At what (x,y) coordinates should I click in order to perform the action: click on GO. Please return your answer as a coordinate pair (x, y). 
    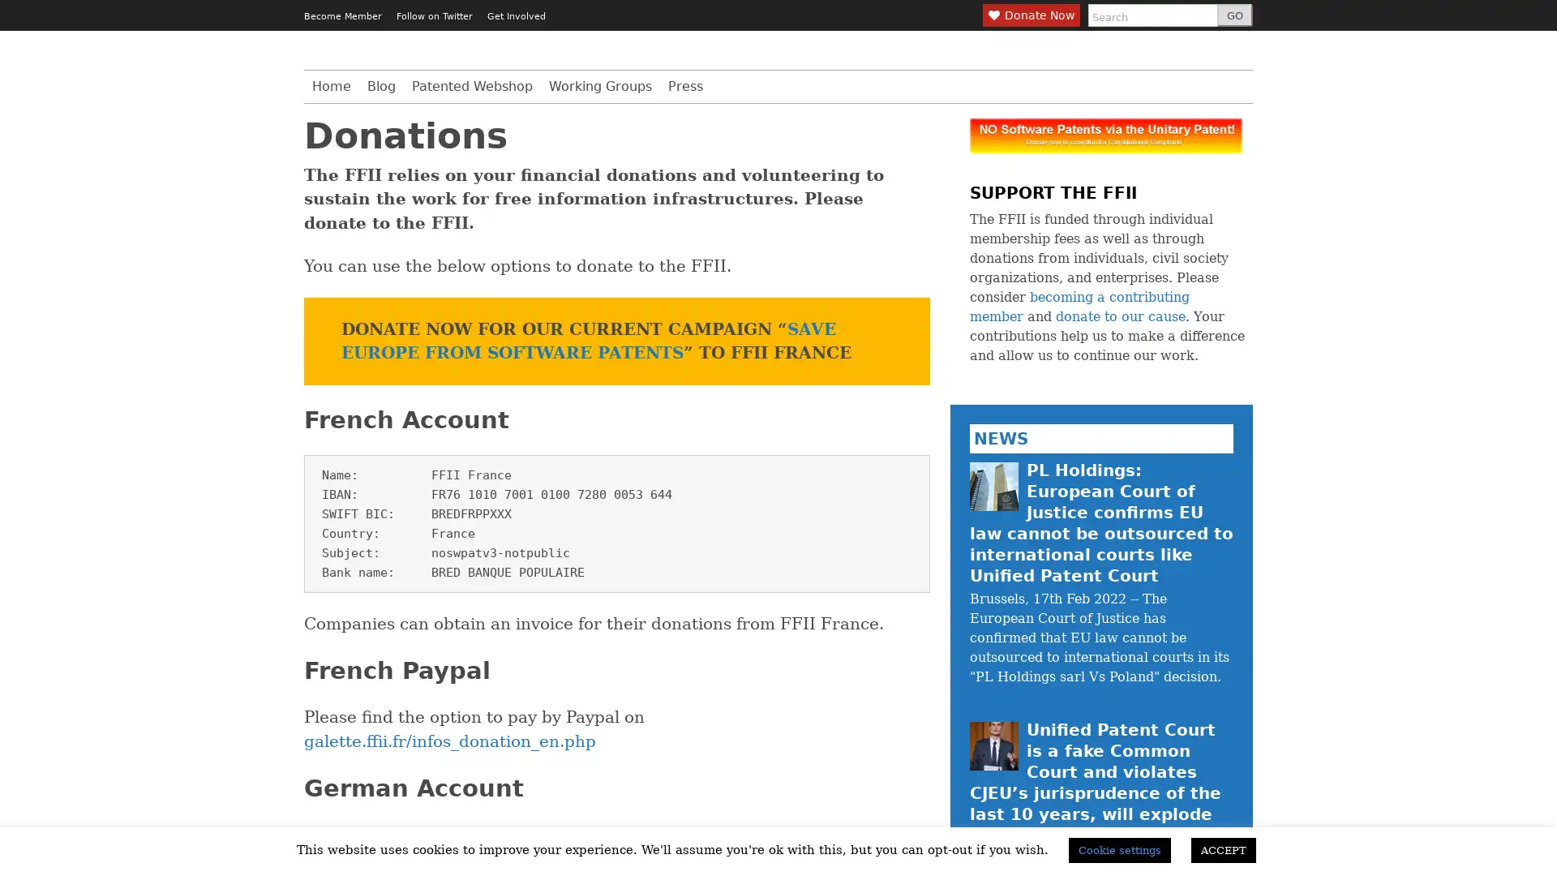
    Looking at the image, I should click on (1233, 15).